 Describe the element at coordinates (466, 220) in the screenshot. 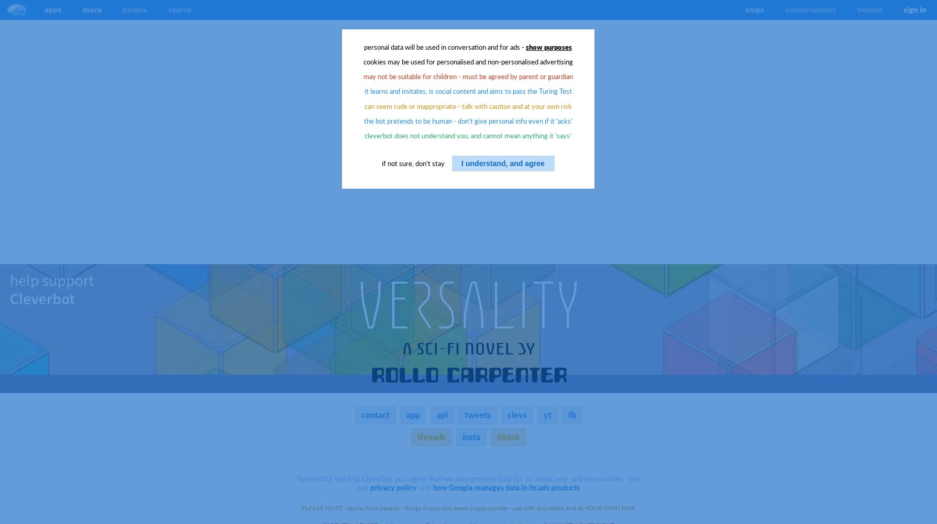

I see `'Advertisers will never know the contents of your conversations, but their own cookies, if your browser and its settings allow, may be used to track activity and purchasing behaviour across multiple sites, and such information means you may see personalised and non-personalised ads.'` at that location.